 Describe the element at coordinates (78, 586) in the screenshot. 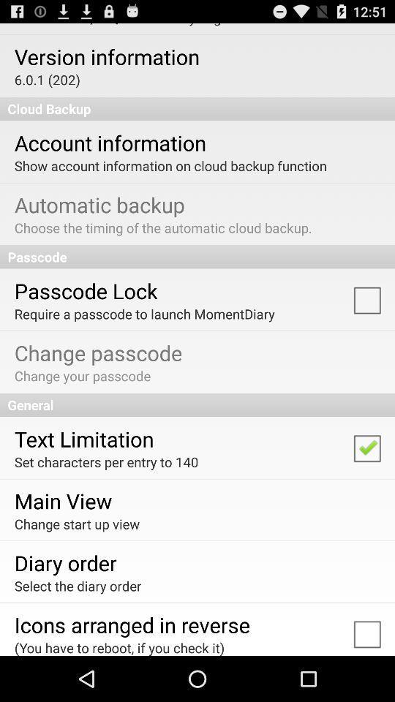

I see `the item above icons arranged in app` at that location.